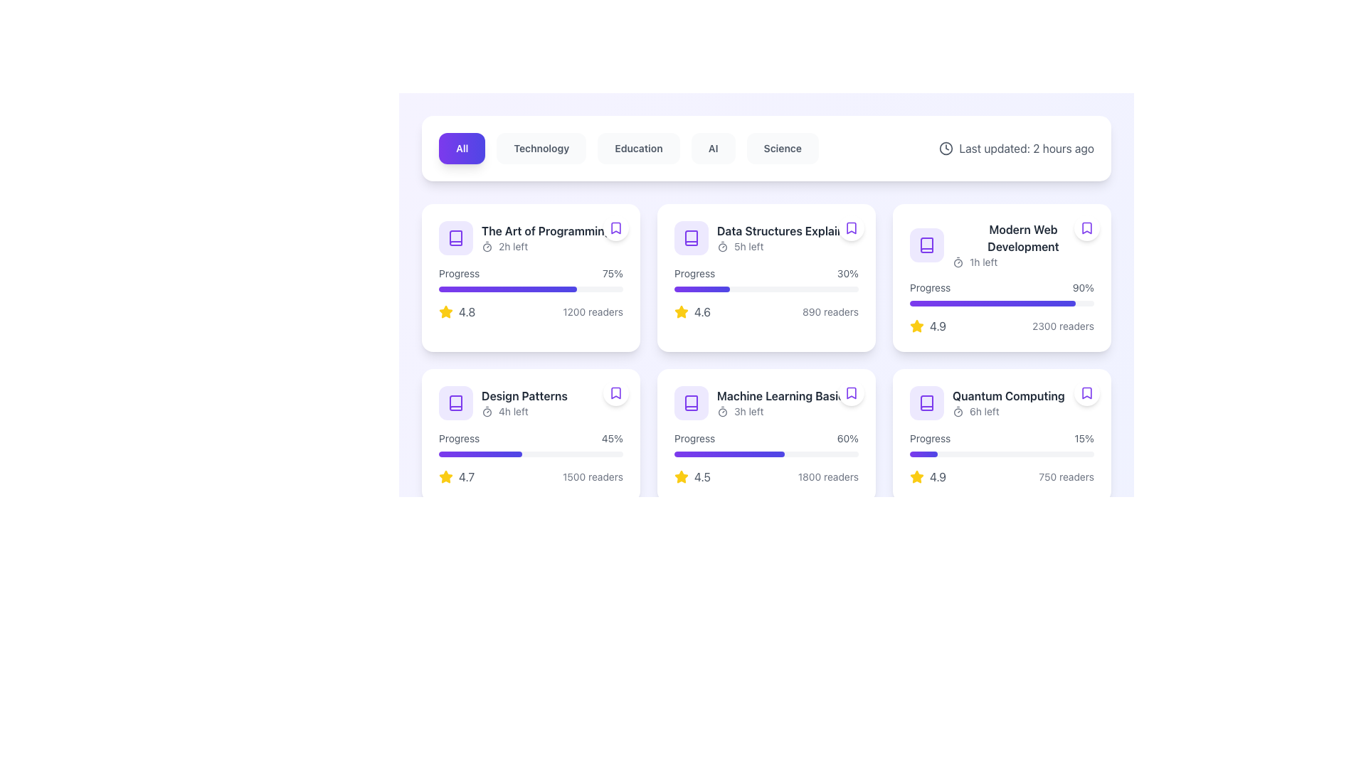 This screenshot has width=1366, height=768. Describe the element at coordinates (783, 395) in the screenshot. I see `the text label 'Machine Learning Basics'` at that location.